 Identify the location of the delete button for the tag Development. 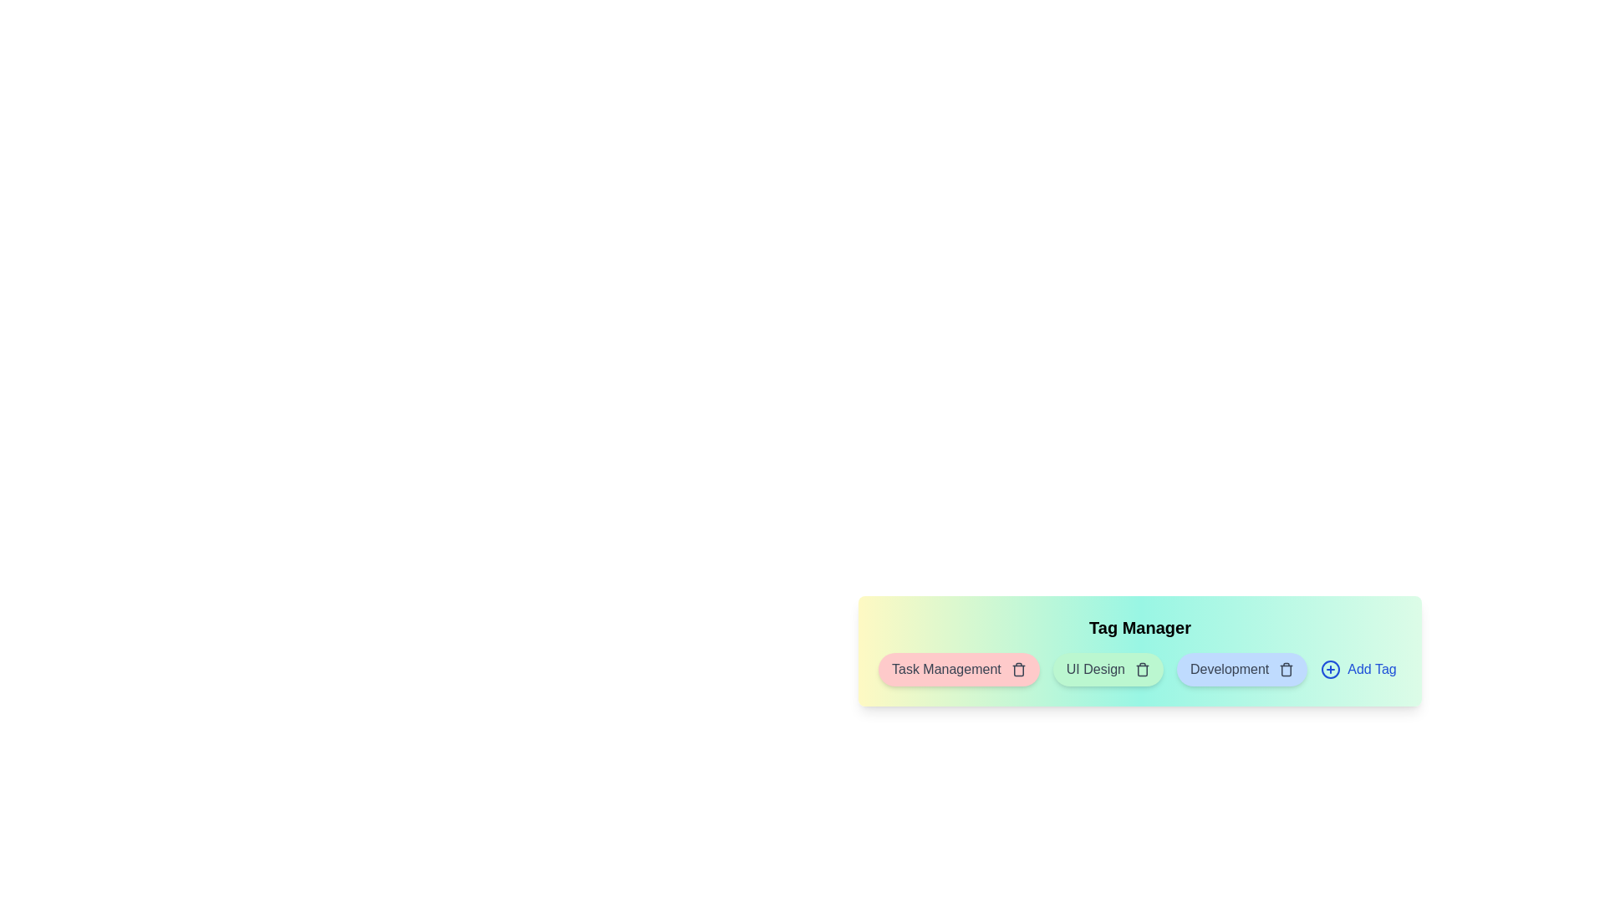
(1286, 669).